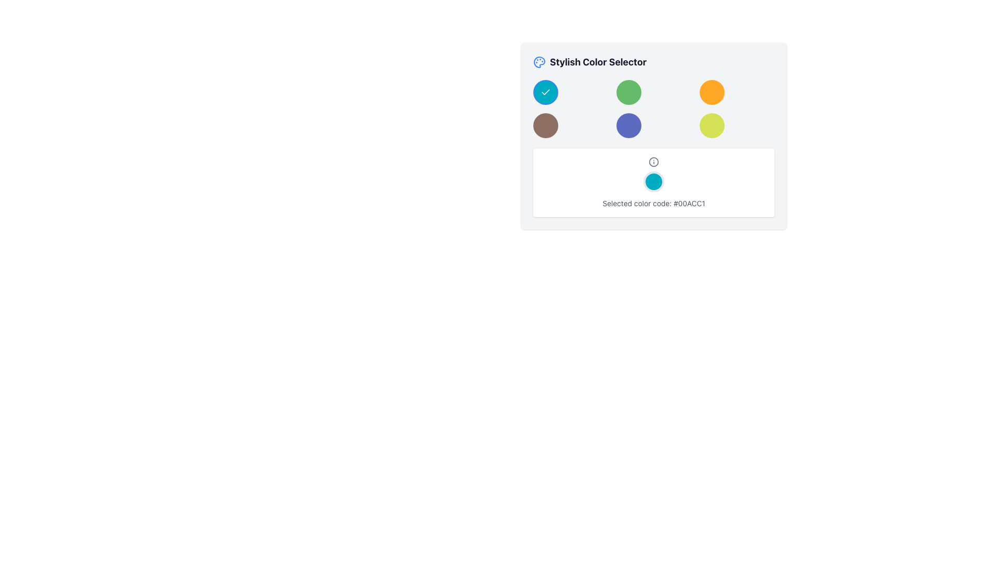  Describe the element at coordinates (653, 204) in the screenshot. I see `displayed text from the text field that shows 'Selected color code: #00ACC1', which is positioned below a cyan rounded circle` at that location.